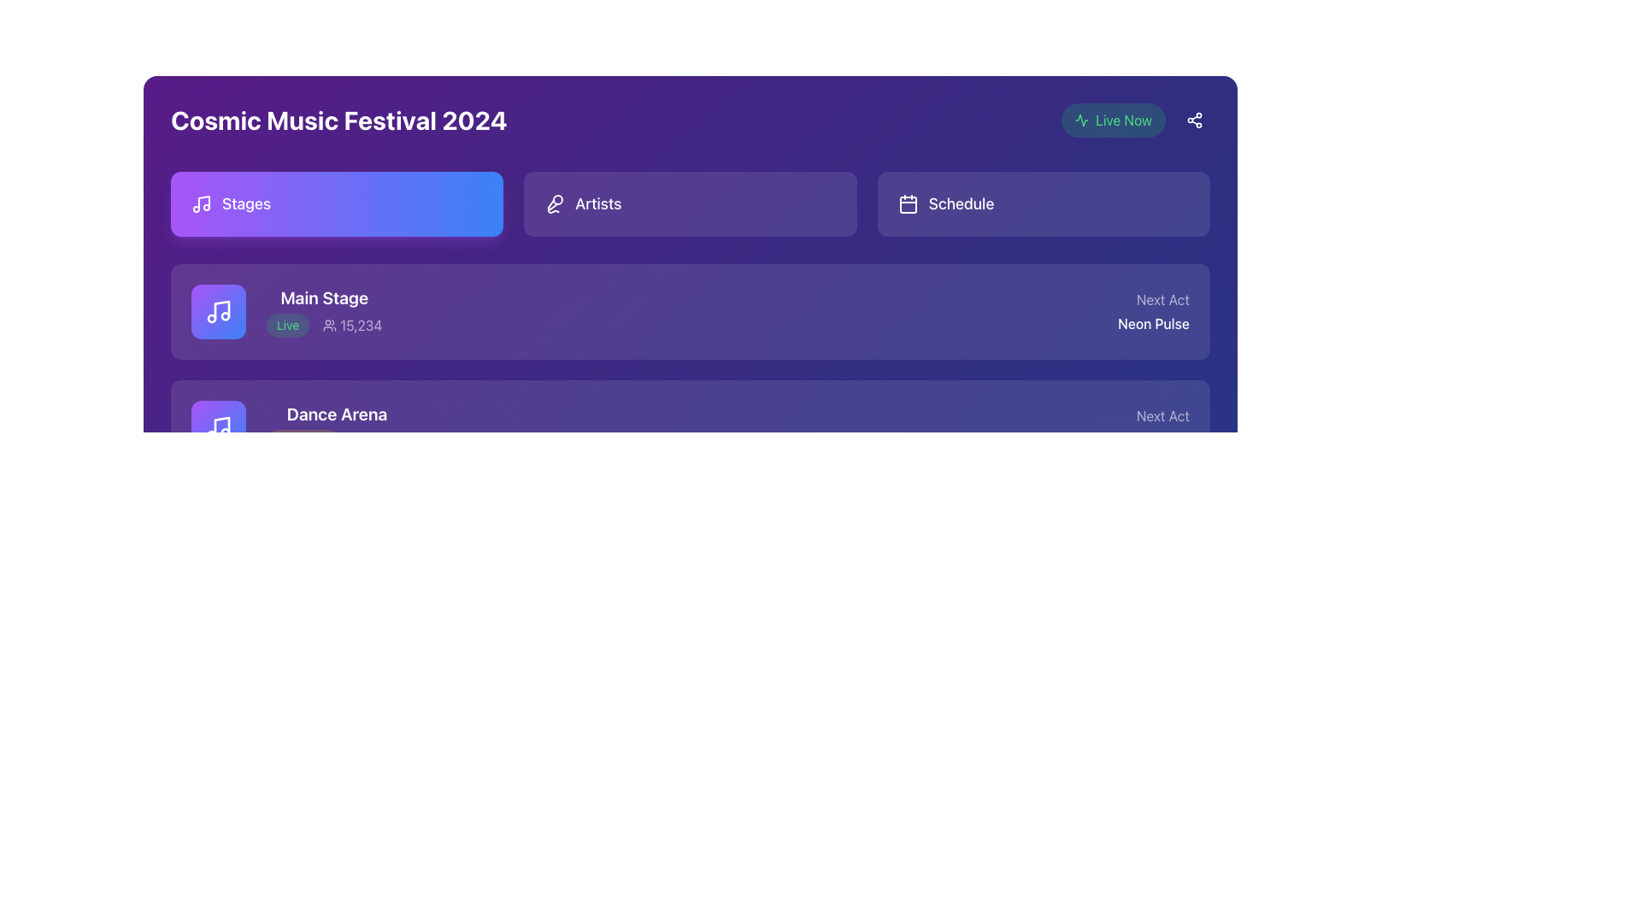  What do you see at coordinates (286, 312) in the screenshot?
I see `the Information badge or status indicator, which shows 'Live' with a green background and '15,234' in muted white, located` at bounding box center [286, 312].